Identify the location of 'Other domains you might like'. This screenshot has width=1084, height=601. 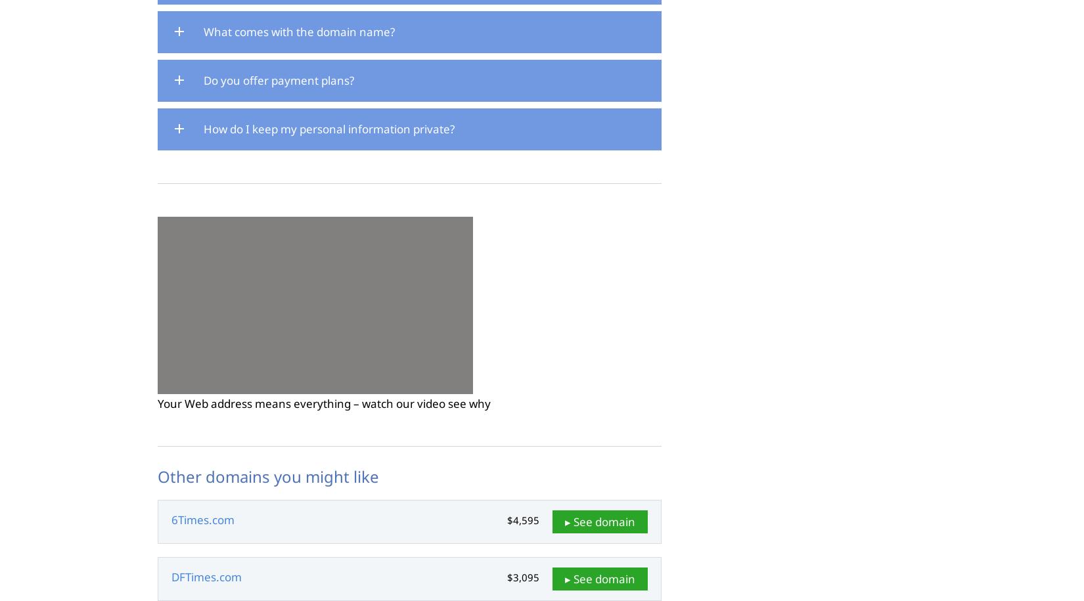
(268, 476).